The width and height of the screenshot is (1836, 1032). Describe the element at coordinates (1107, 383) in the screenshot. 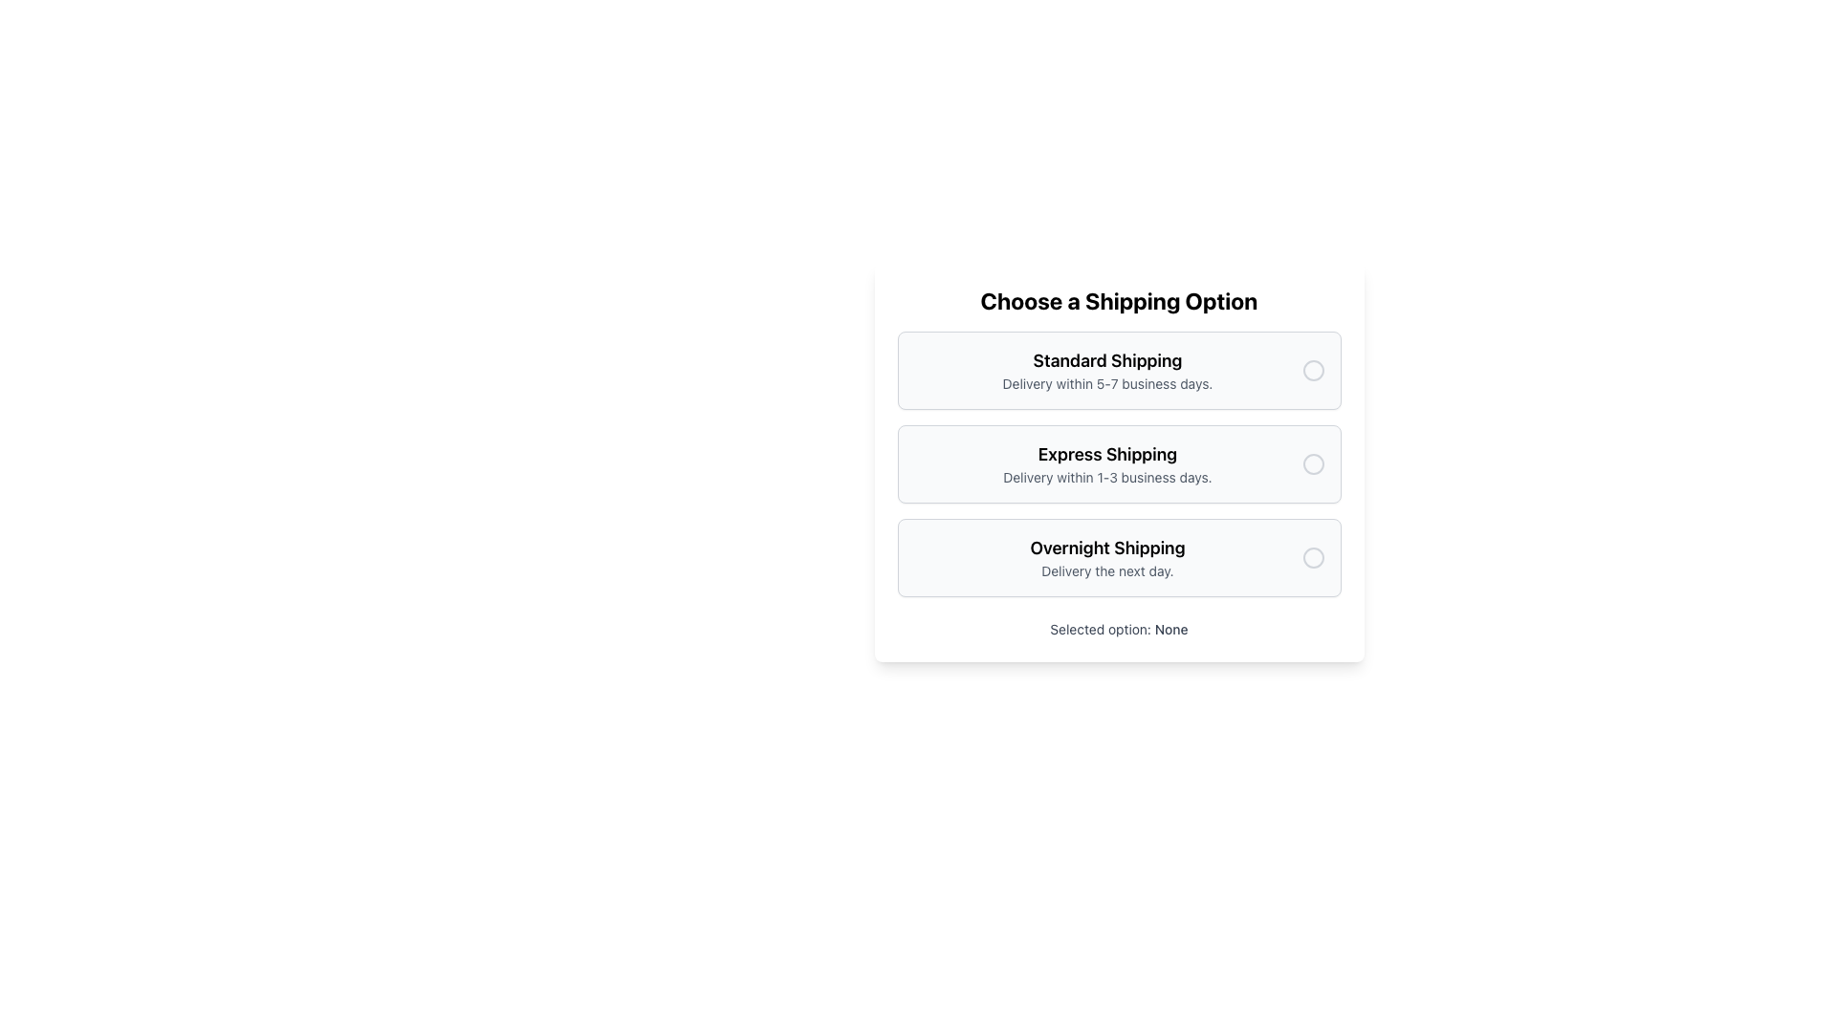

I see `delivery information displayed in the text label that states 'Delivery within 5-7 business days.' This label is styled in light gray and is located beneath the bold 'Standard Shipping' title` at that location.